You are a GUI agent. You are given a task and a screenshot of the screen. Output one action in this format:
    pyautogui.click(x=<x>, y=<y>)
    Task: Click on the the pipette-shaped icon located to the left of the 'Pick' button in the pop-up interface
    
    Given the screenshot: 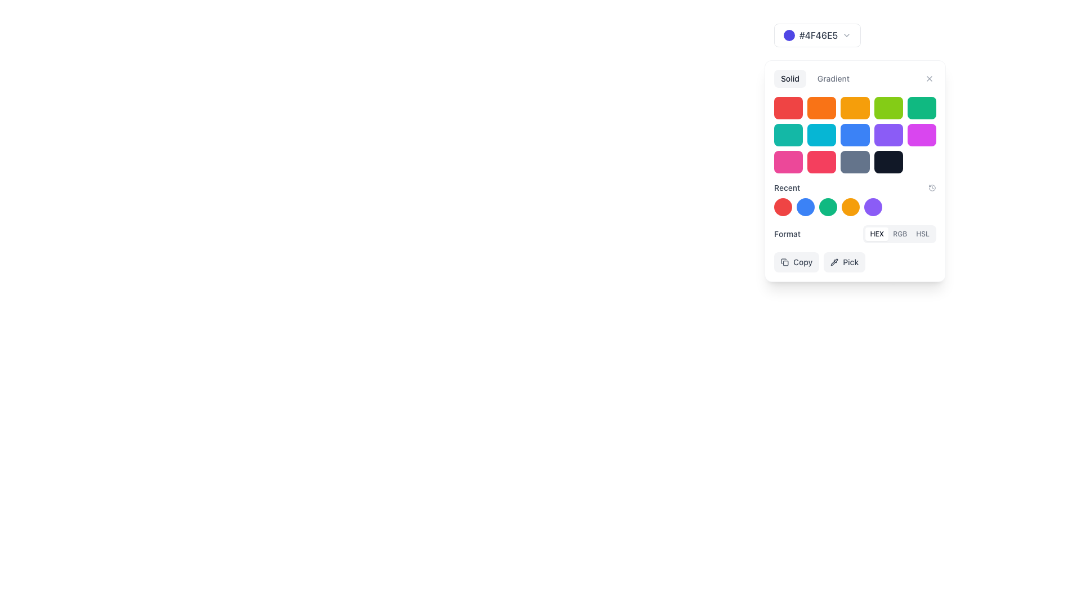 What is the action you would take?
    pyautogui.click(x=834, y=262)
    